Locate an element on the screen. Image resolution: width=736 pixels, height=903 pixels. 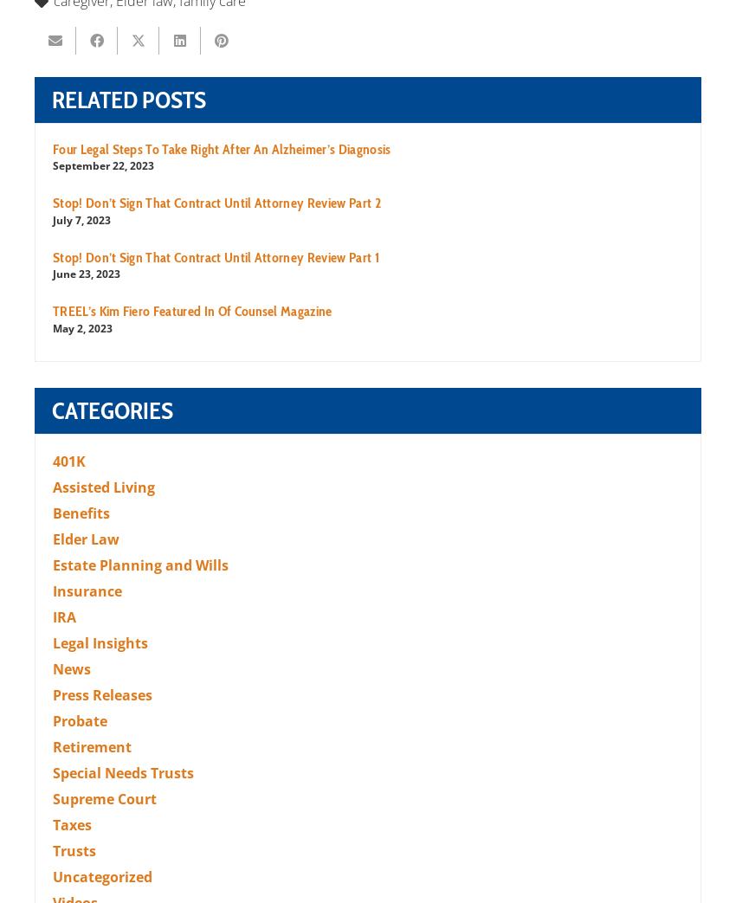
'Press Releases' is located at coordinates (101, 694).